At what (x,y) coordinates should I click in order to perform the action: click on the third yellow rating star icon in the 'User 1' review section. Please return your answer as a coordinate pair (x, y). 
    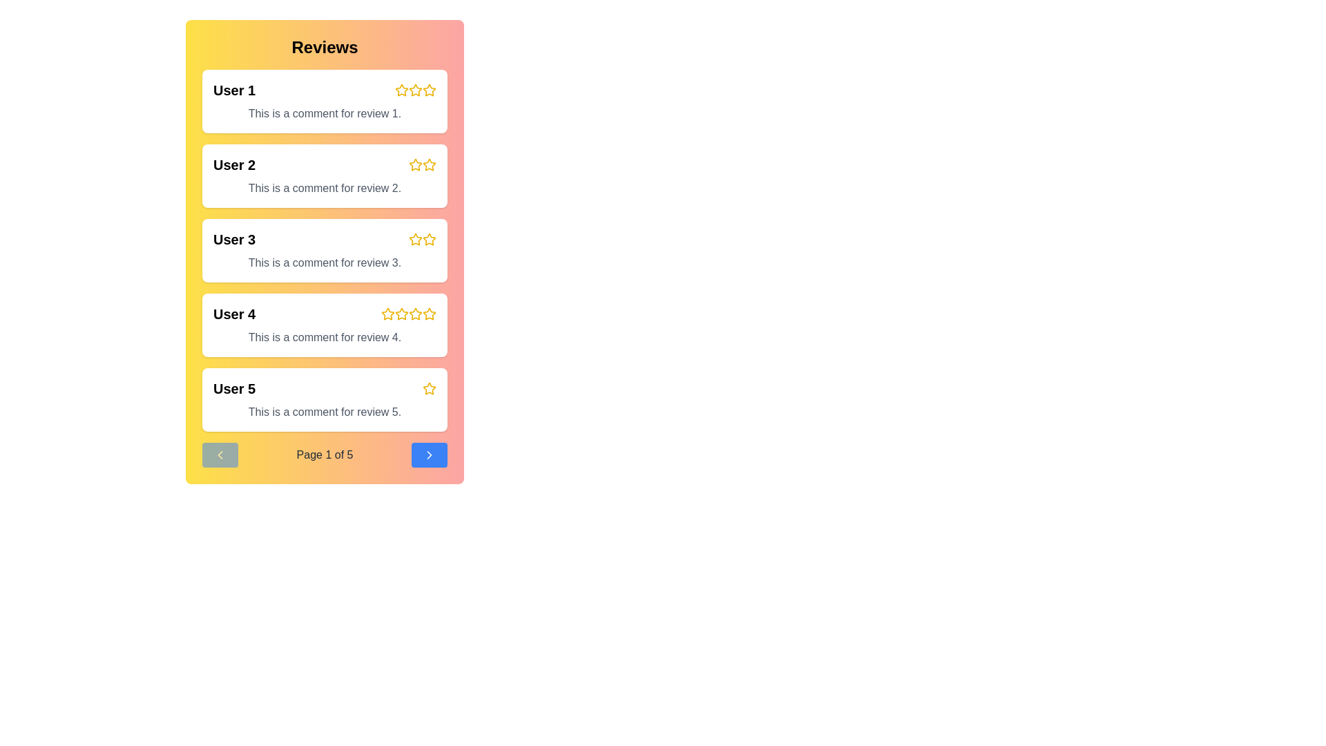
    Looking at the image, I should click on (414, 90).